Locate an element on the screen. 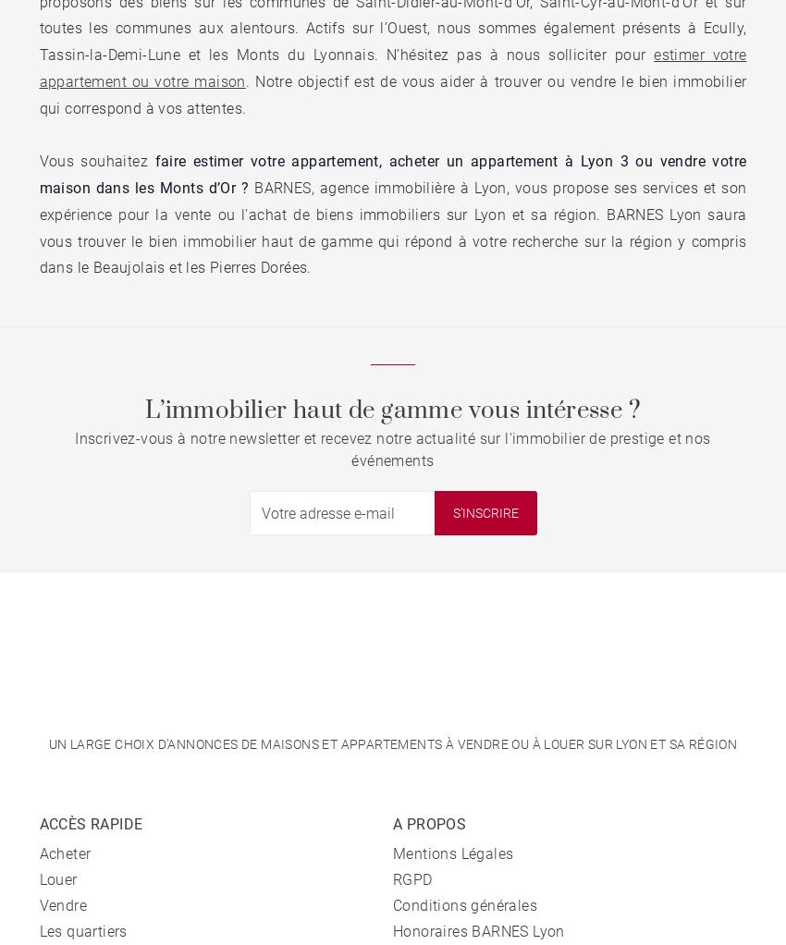 The width and height of the screenshot is (786, 945). 'Conditions générales' is located at coordinates (465, 904).